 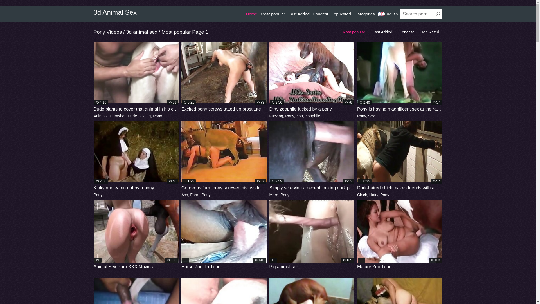 I want to click on 'Ass', so click(x=184, y=194).